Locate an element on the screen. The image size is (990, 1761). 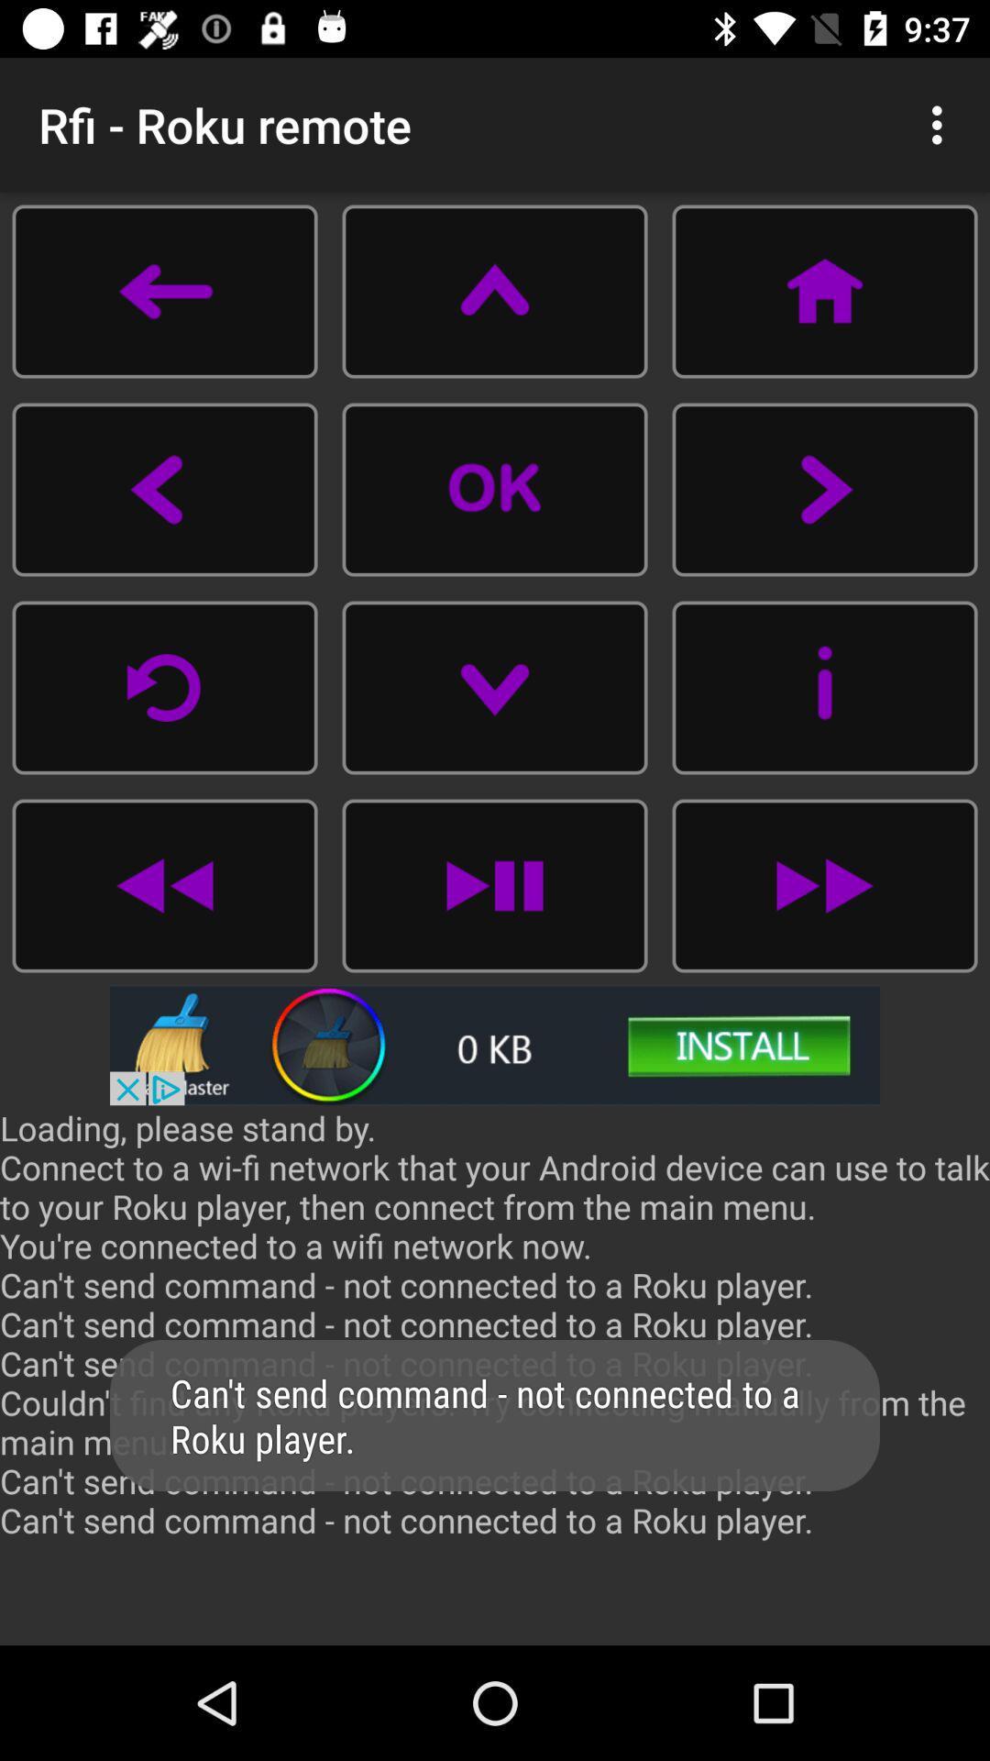
the home icon is located at coordinates (823, 290).